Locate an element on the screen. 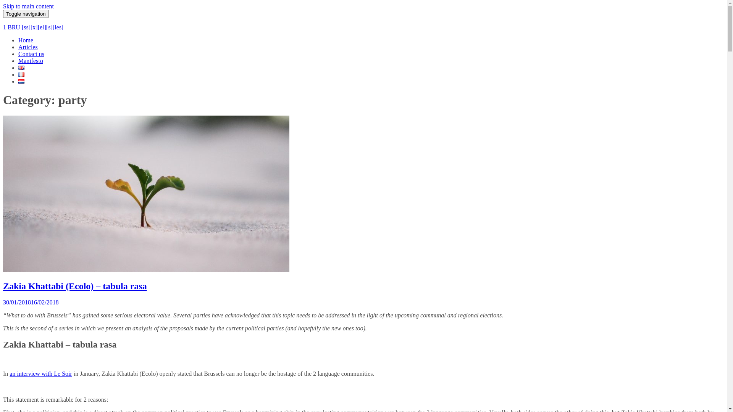 This screenshot has width=733, height=412. 'Home' is located at coordinates (26, 40).